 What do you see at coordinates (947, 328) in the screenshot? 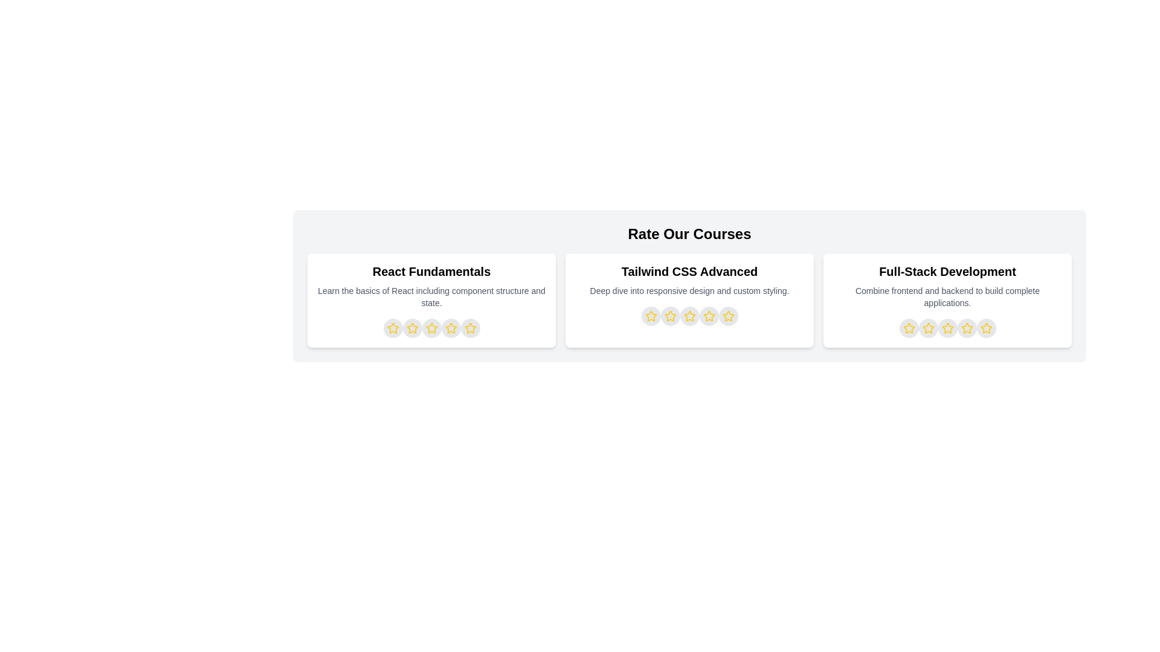
I see `the star representing 3 stars for the course titled Full-Stack Development` at bounding box center [947, 328].